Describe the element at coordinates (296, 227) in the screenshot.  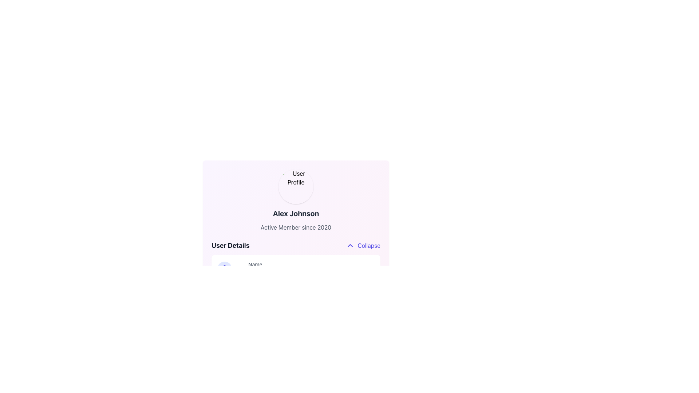
I see `the text label displaying 'Active Member since 2020', which is a descriptive subtitle below 'Alex Johnson'` at that location.